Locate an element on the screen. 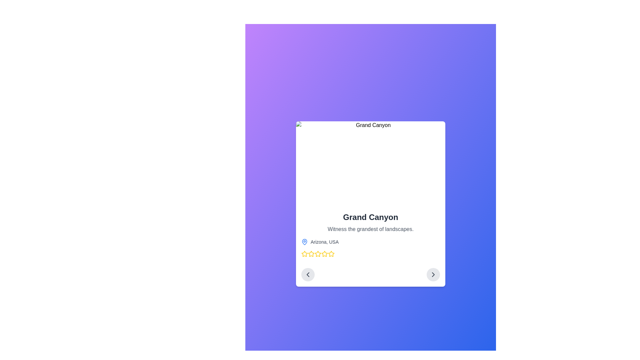 The height and width of the screenshot is (360, 640). the blue outlined map pin icon located in the mid-lower section of the card, to the left of the text 'Arizona, USA' is located at coordinates (304, 242).